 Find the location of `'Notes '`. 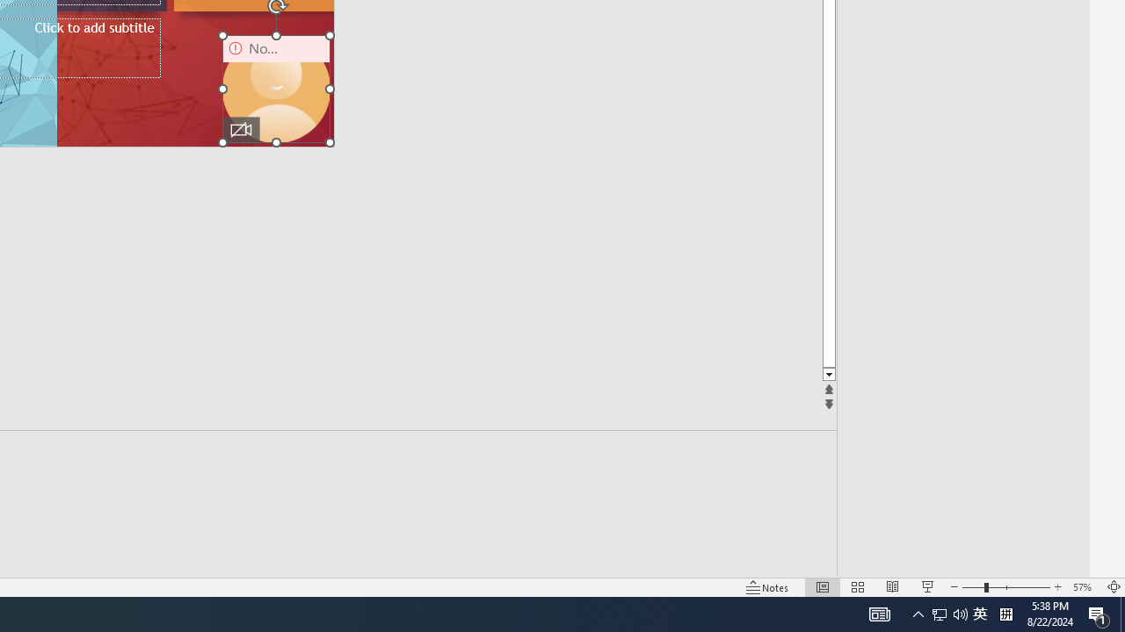

'Notes ' is located at coordinates (768, 587).